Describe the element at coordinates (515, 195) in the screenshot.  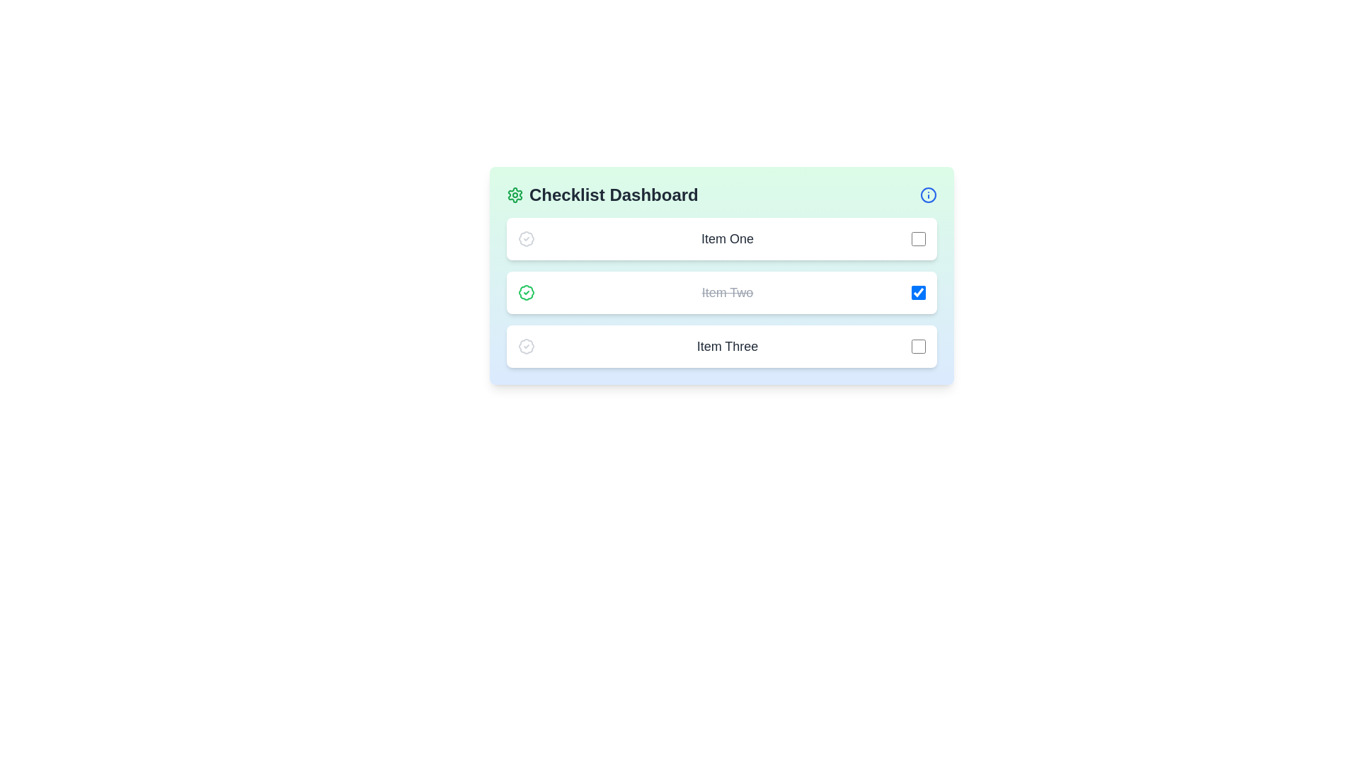
I see `the green gear icon located to the left of the 'Checklist Dashboard' text at the top of the interface` at that location.